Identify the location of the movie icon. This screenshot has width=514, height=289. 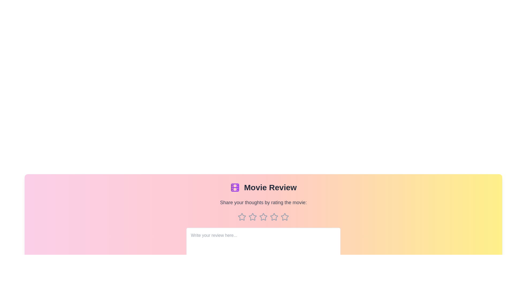
(235, 187).